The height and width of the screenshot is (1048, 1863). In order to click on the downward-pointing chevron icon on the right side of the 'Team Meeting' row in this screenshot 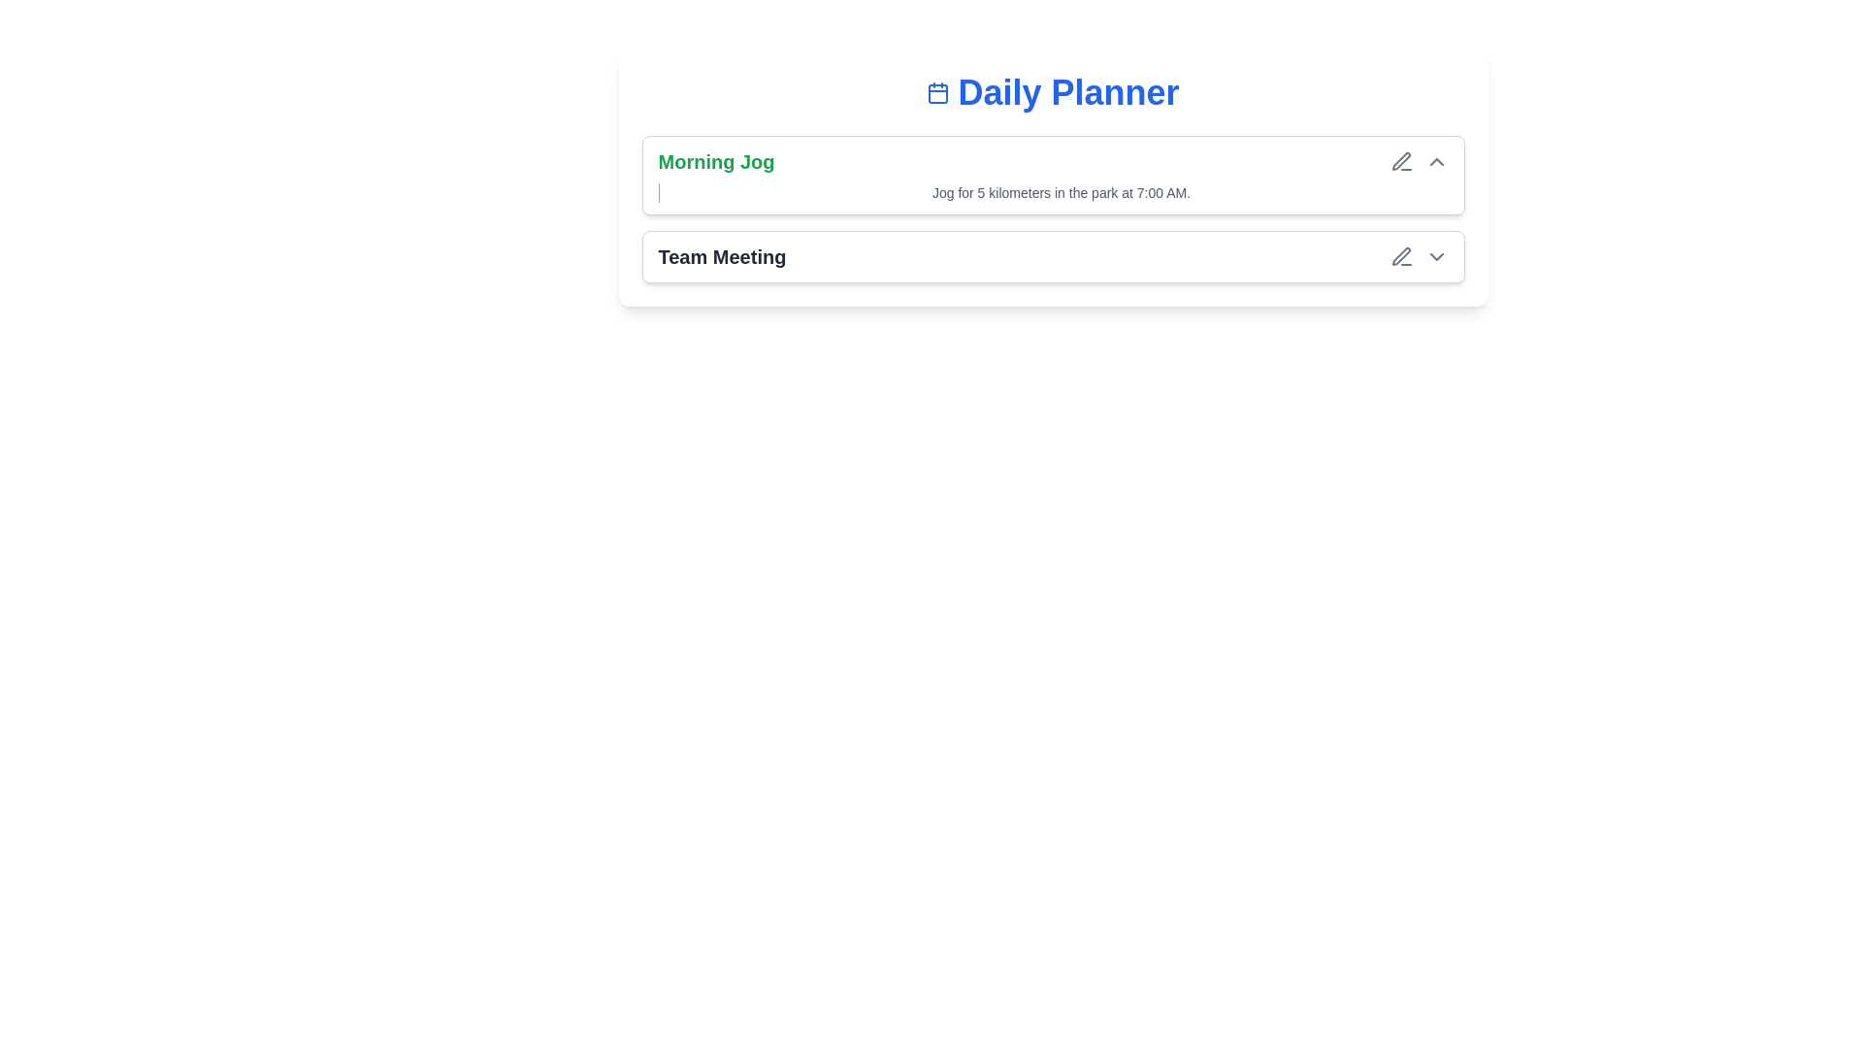, I will do `click(1436, 256)`.